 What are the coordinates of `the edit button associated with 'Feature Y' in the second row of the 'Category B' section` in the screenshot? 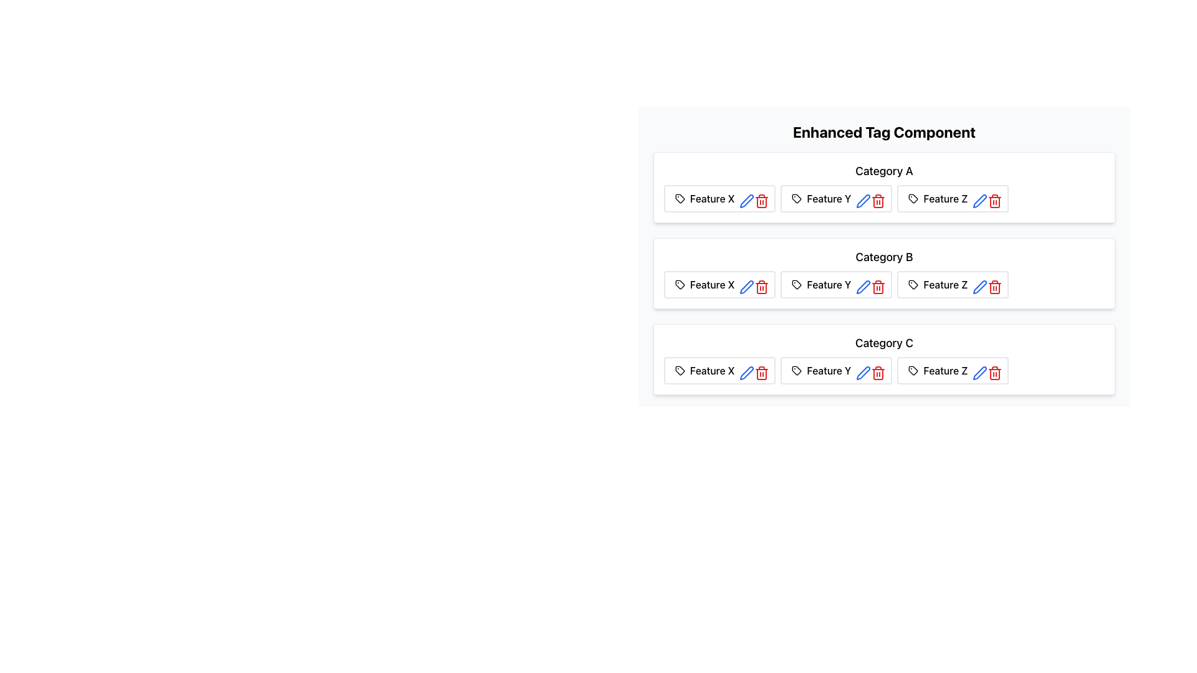 It's located at (860, 284).